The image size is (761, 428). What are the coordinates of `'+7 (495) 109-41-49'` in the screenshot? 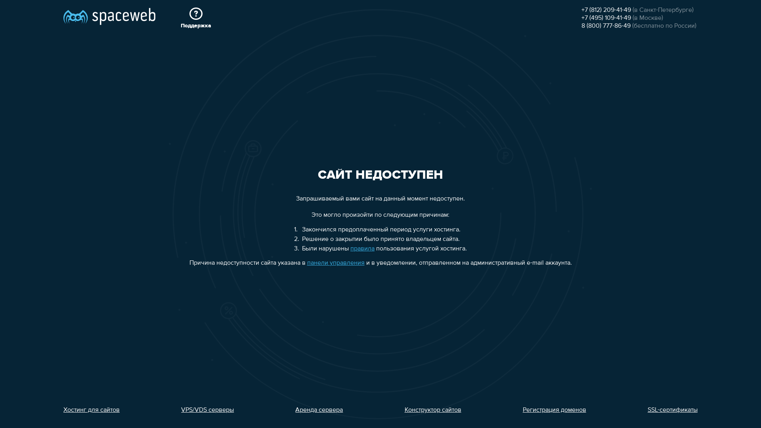 It's located at (606, 18).